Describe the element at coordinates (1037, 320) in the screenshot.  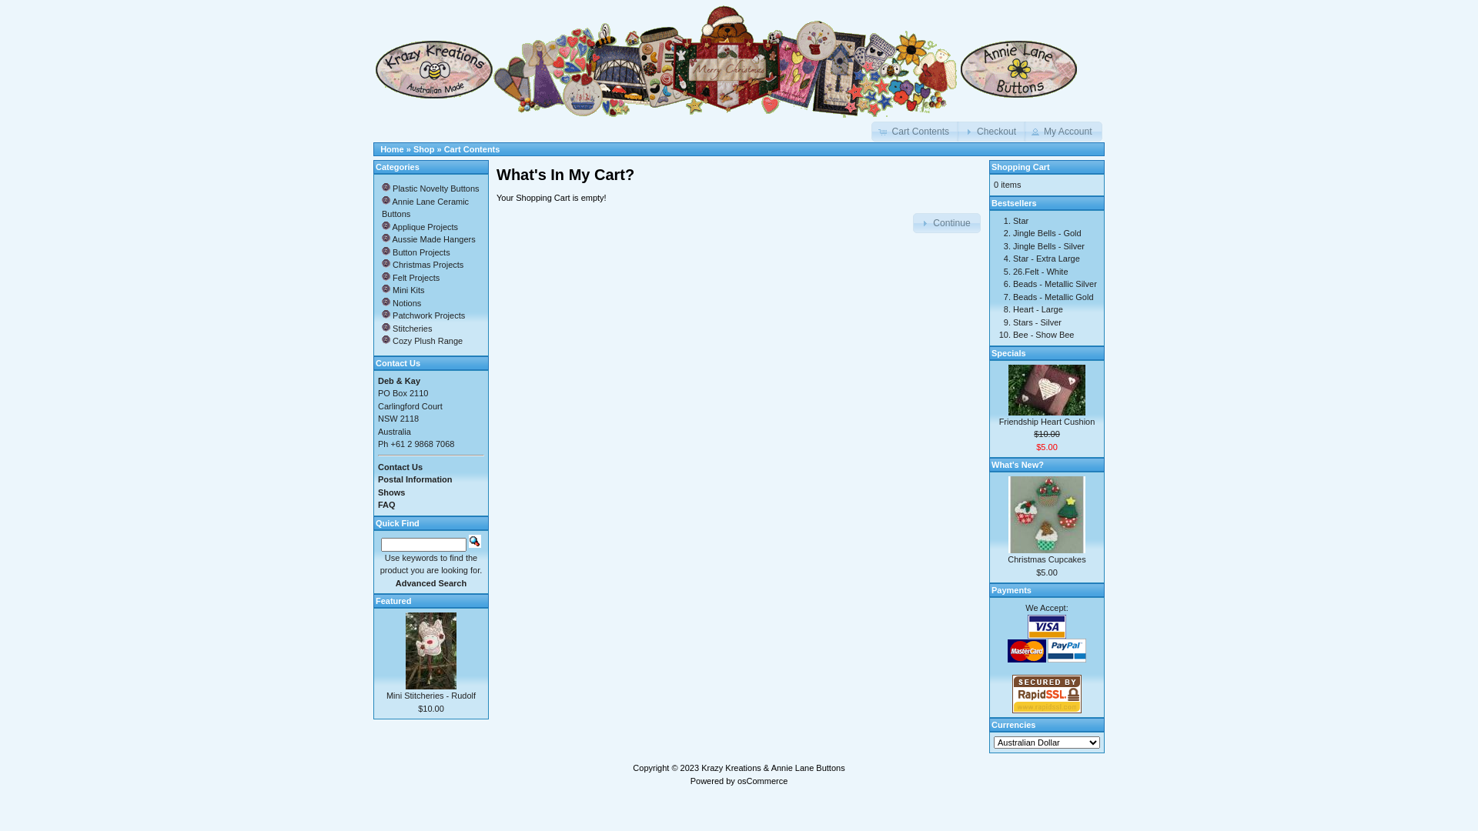
I see `'Stars - Silver'` at that location.